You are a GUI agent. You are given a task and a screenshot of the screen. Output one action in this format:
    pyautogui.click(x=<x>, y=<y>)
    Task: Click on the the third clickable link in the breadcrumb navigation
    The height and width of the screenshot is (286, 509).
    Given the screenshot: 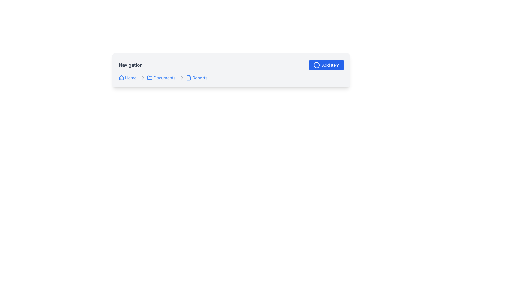 What is the action you would take?
    pyautogui.click(x=196, y=78)
    